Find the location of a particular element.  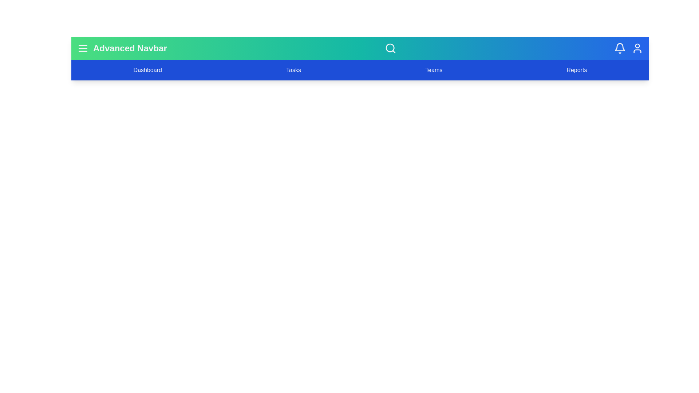

the navigation item Tasks to navigate to its corresponding section is located at coordinates (293, 70).